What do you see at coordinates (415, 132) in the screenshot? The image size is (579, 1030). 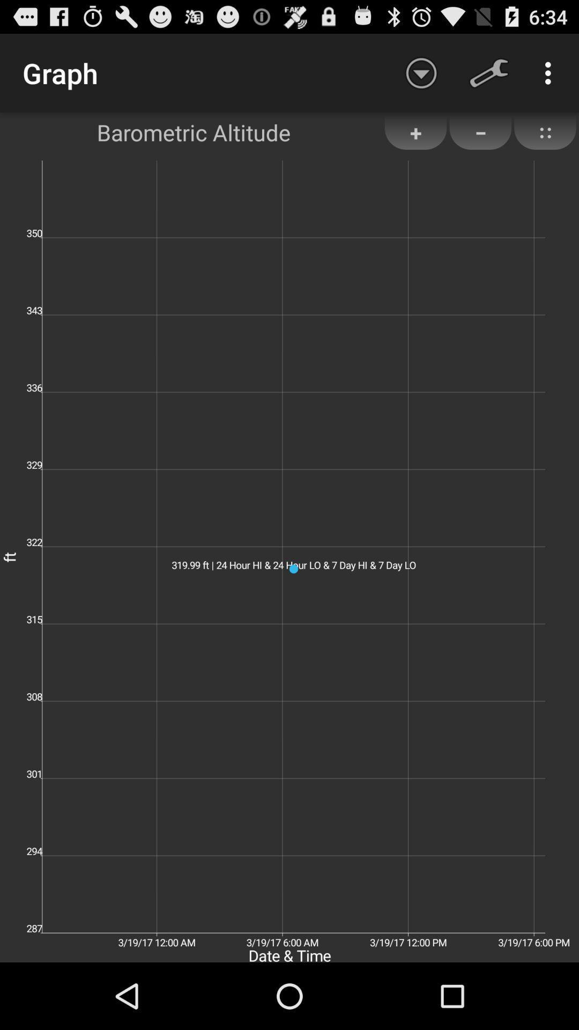 I see `the app to the right of barometric altitude` at bounding box center [415, 132].